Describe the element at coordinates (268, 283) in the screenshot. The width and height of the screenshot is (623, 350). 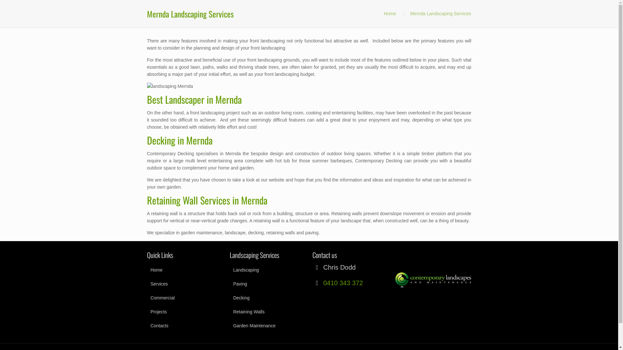
I see `'Paving'` at that location.